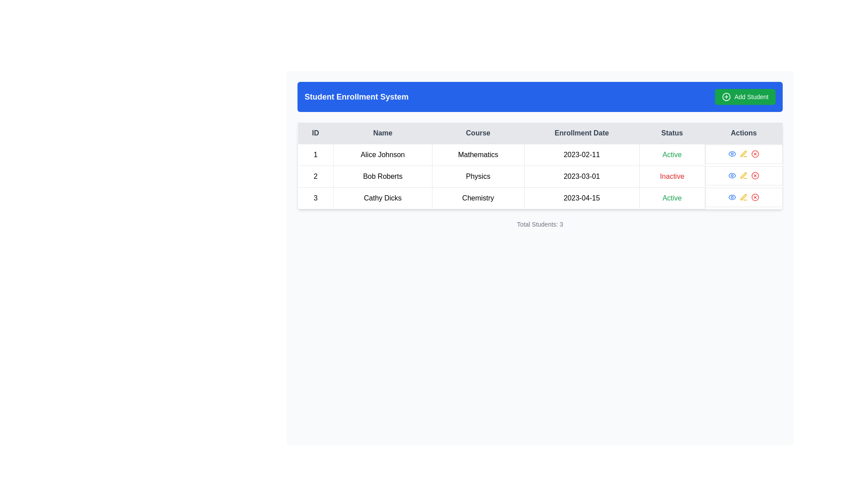 Image resolution: width=850 pixels, height=478 pixels. I want to click on the red circular delete button with a white cross located in the 'Actions' column of the first row of the table to possibly reveal additional information, so click(755, 153).